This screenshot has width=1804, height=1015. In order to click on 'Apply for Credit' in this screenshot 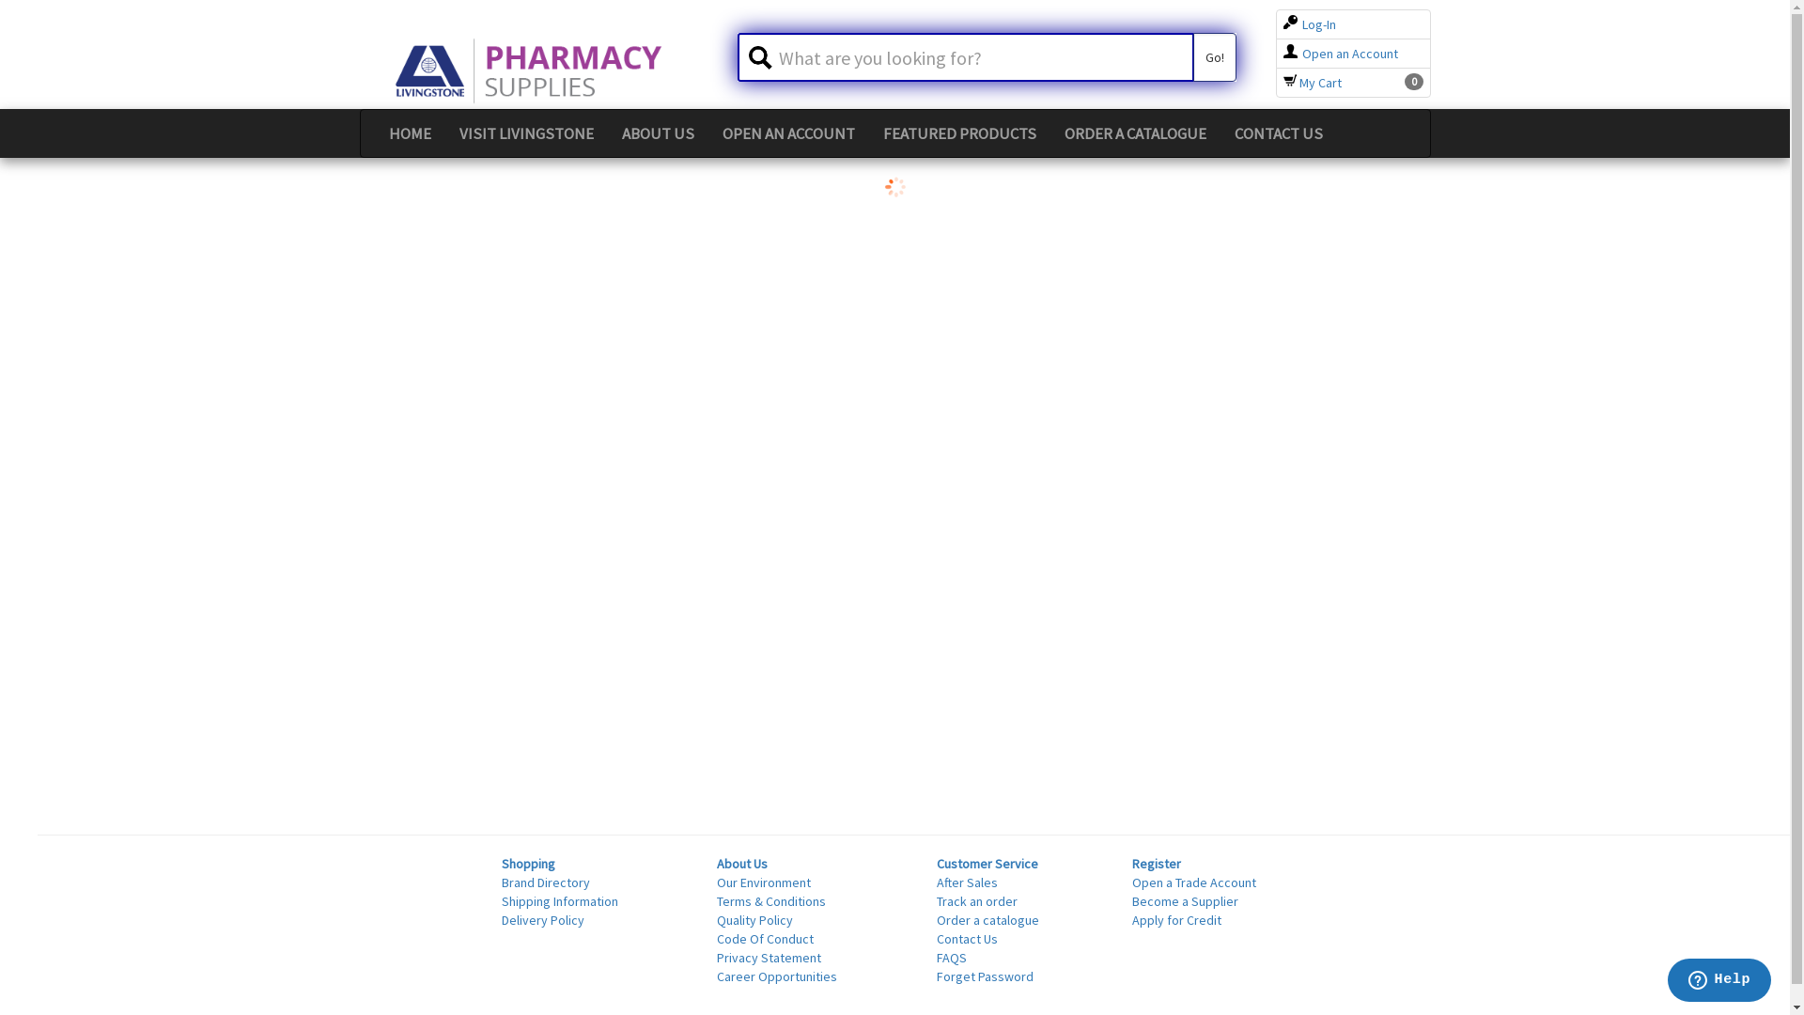, I will do `click(1175, 919)`.